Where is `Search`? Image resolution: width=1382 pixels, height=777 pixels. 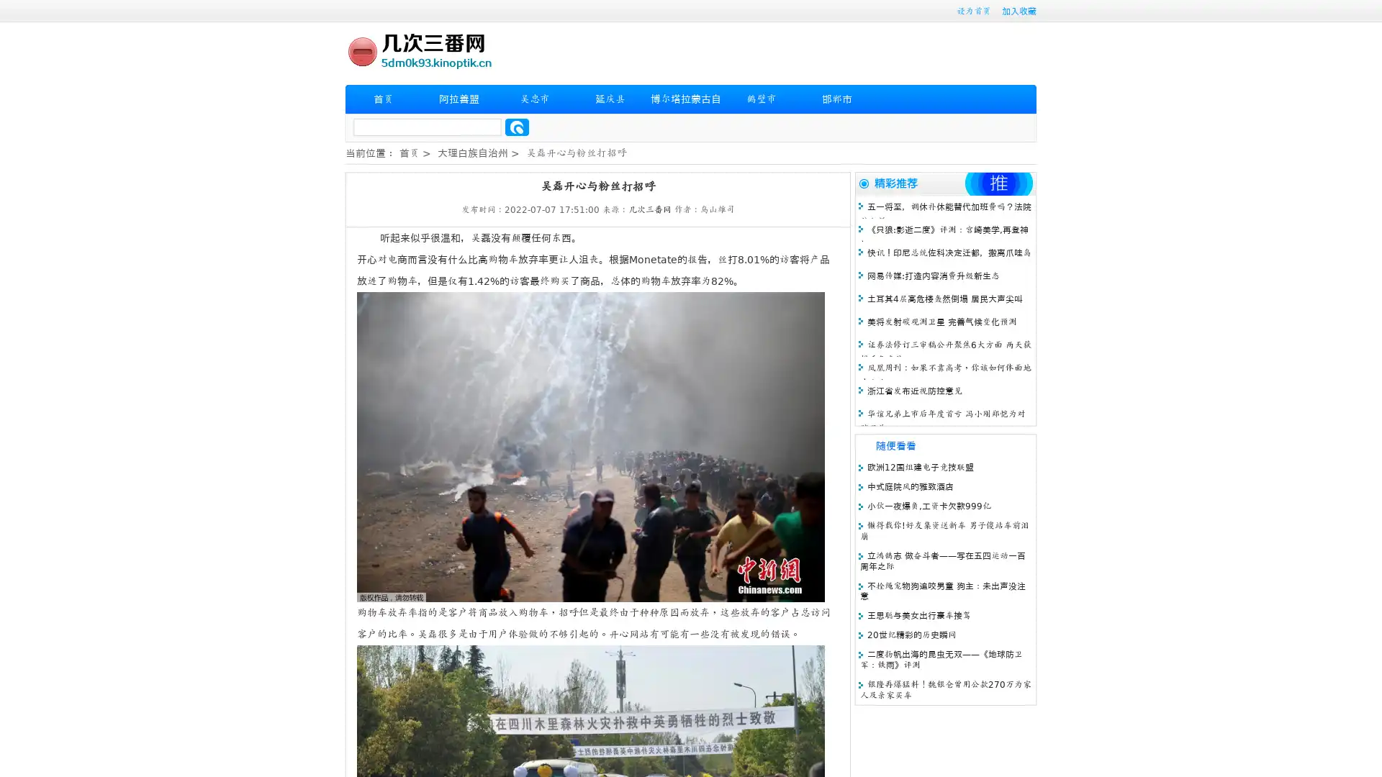 Search is located at coordinates (517, 127).